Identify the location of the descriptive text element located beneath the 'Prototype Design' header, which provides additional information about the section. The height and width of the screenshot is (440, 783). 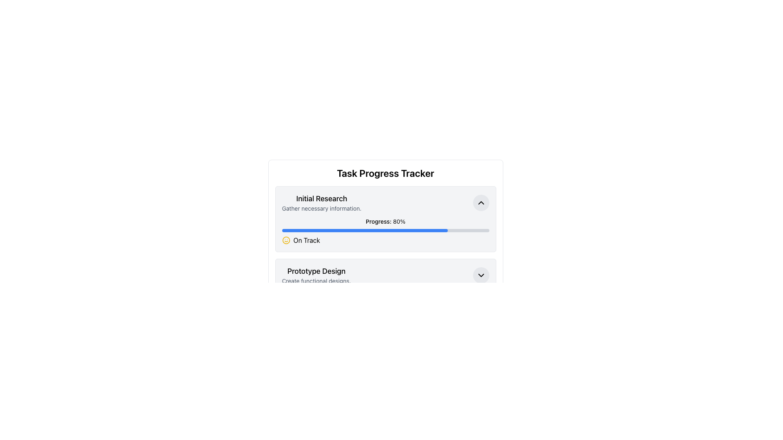
(316, 281).